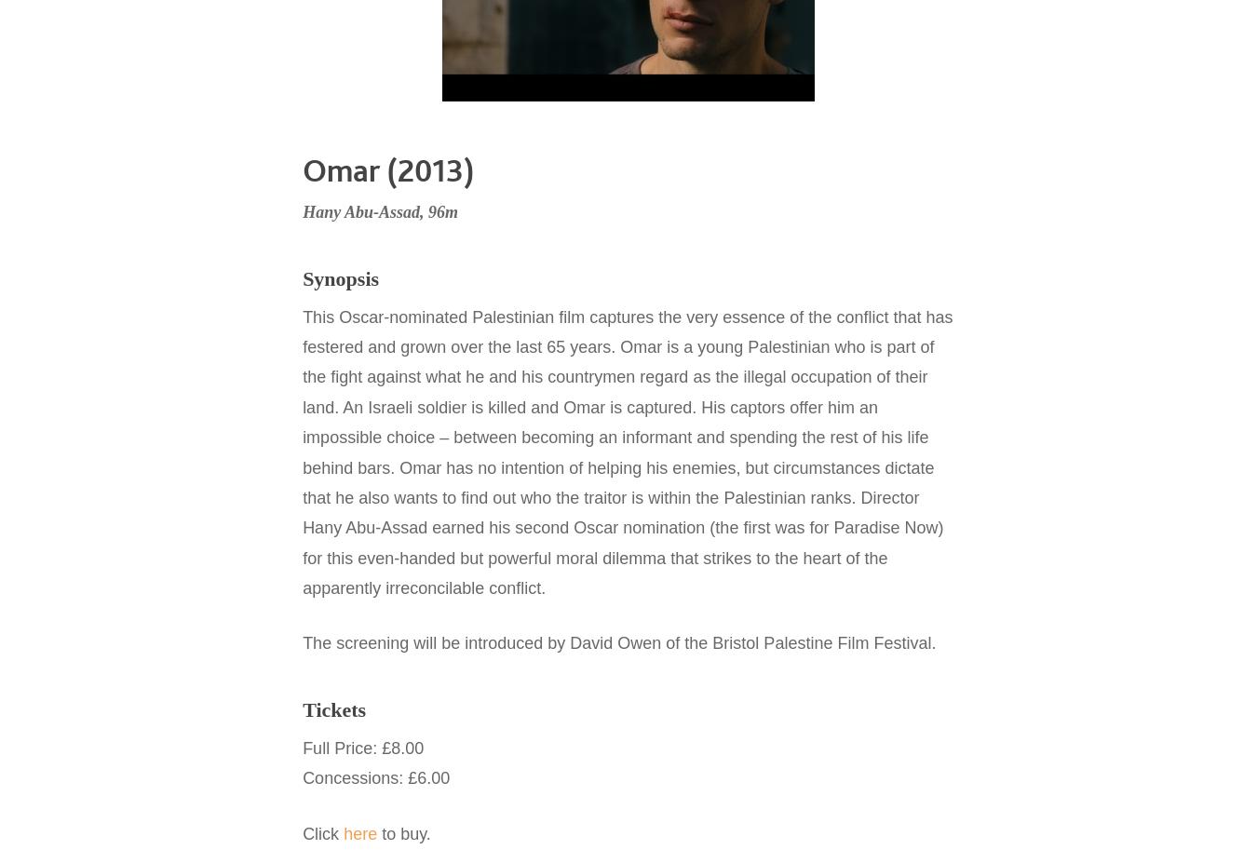  Describe the element at coordinates (301, 641) in the screenshot. I see `'The screening will be introduced by David Owen of the Bristol Palestine Film Festival.'` at that location.